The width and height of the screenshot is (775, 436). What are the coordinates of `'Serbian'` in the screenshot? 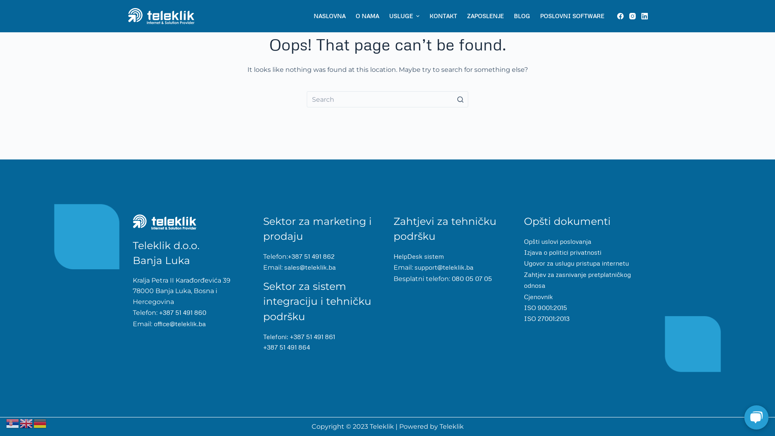 It's located at (6, 422).